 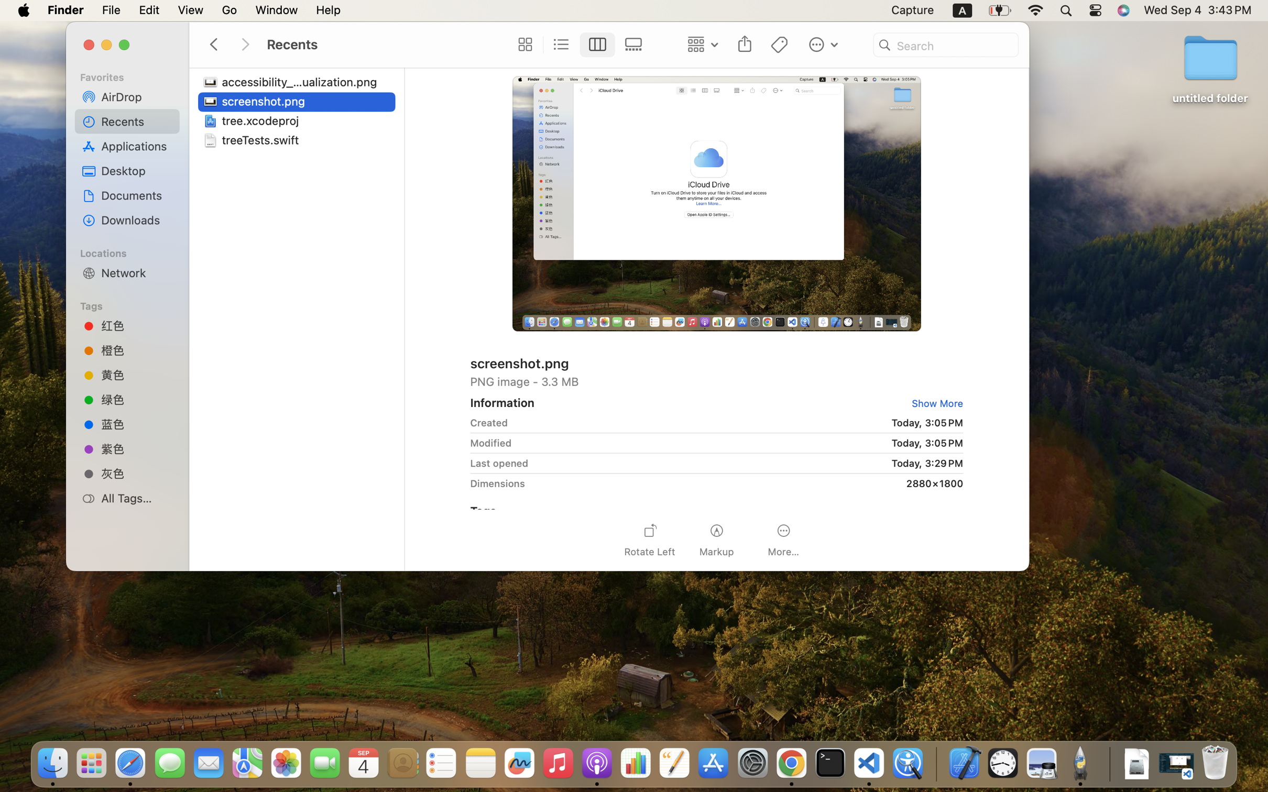 I want to click on 'AirDrop', so click(x=136, y=96).